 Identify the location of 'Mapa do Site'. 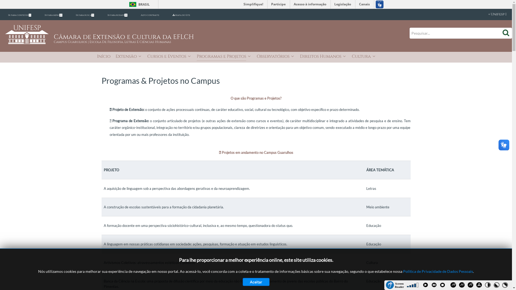
(181, 15).